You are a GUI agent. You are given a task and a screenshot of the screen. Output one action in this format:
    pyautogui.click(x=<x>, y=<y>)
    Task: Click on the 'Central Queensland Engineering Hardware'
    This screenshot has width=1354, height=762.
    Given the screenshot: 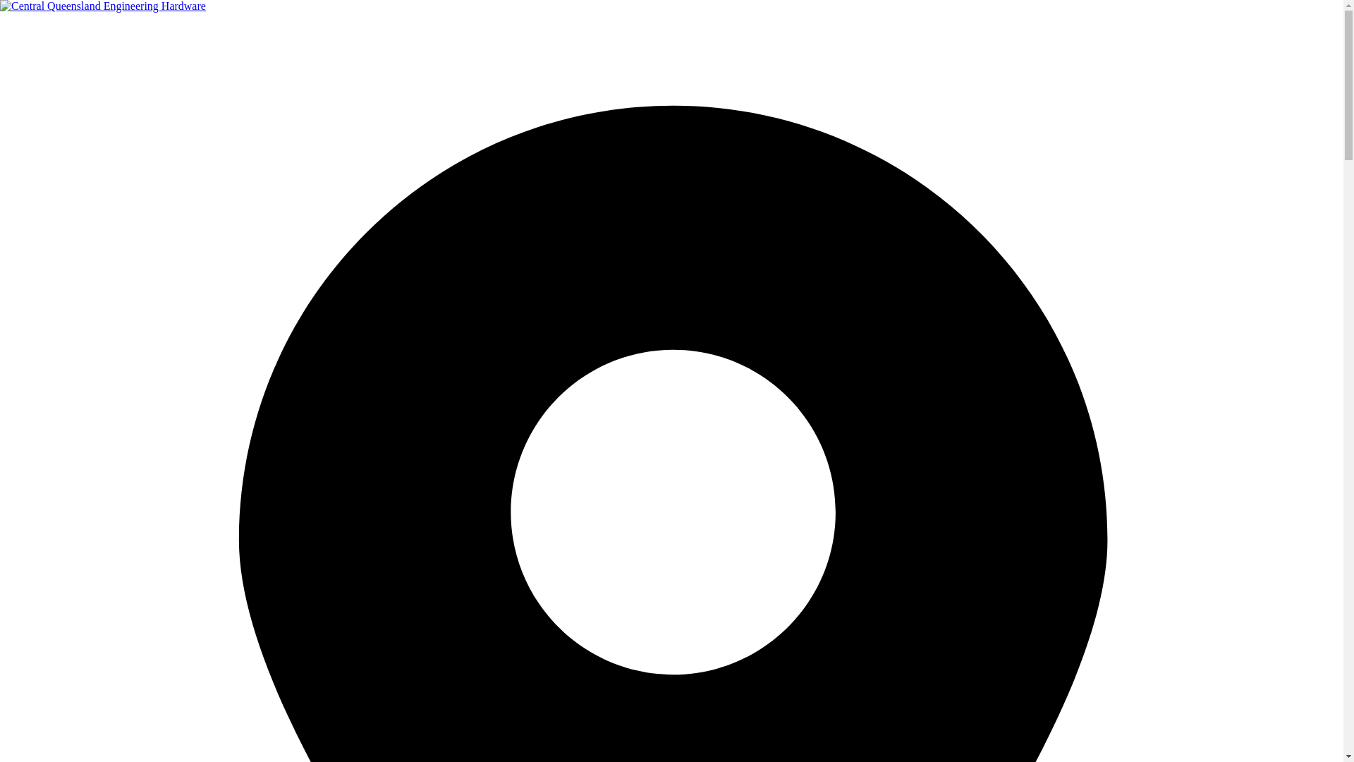 What is the action you would take?
    pyautogui.click(x=102, y=6)
    